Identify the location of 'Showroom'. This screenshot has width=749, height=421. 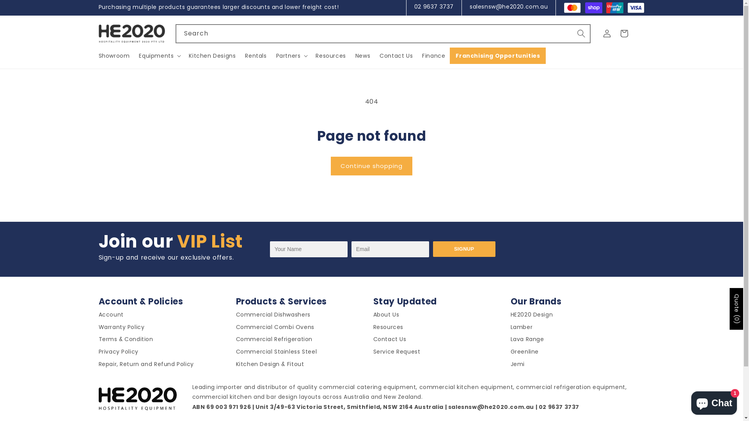
(98, 55).